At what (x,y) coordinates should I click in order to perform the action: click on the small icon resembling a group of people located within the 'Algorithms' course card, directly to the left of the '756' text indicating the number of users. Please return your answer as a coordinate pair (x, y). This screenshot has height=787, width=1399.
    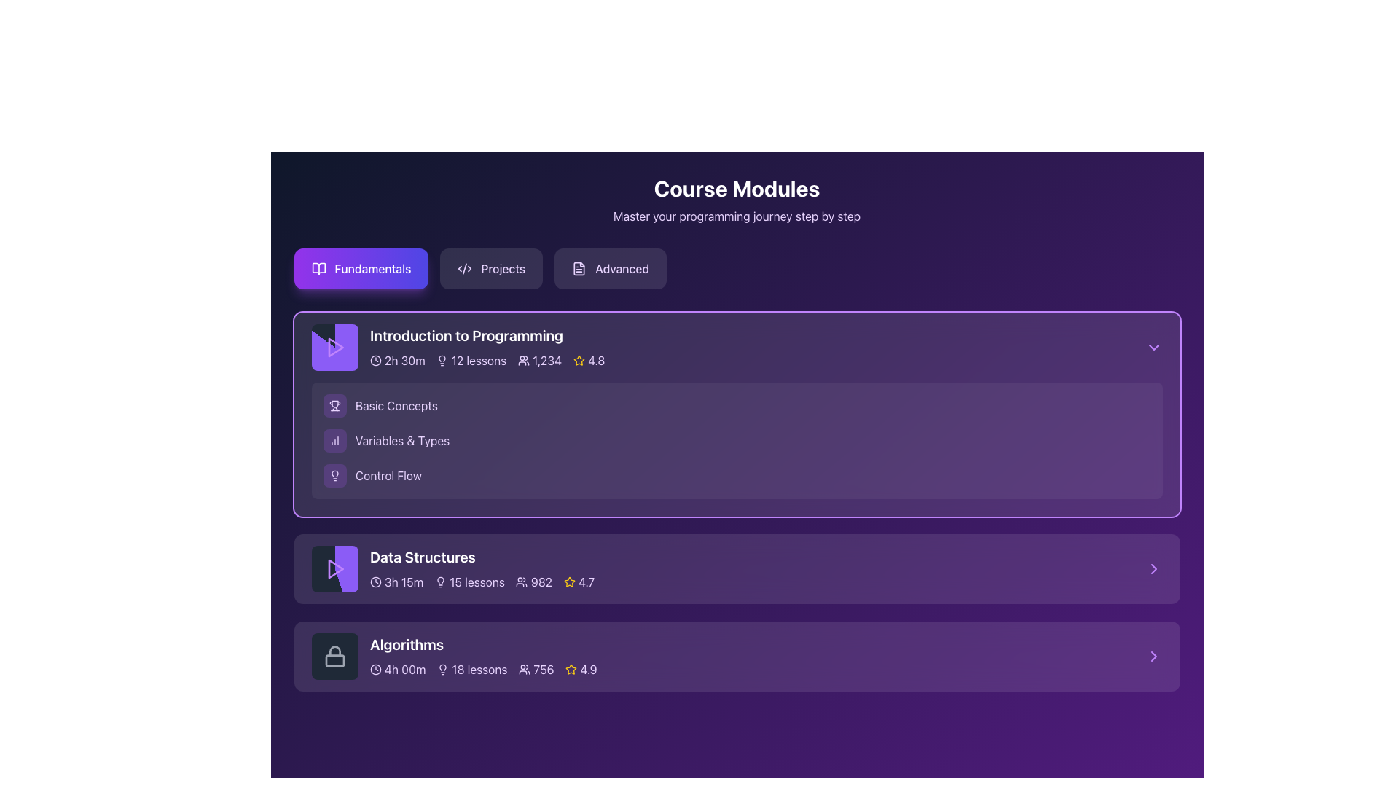
    Looking at the image, I should click on (524, 669).